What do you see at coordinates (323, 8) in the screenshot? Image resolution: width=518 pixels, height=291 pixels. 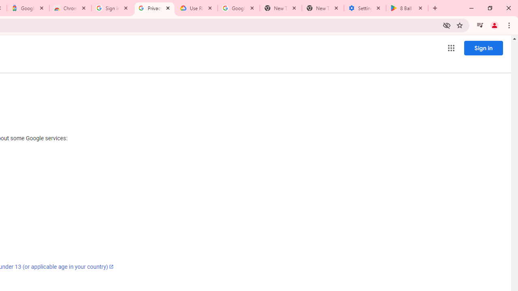 I see `'New Tab'` at bounding box center [323, 8].